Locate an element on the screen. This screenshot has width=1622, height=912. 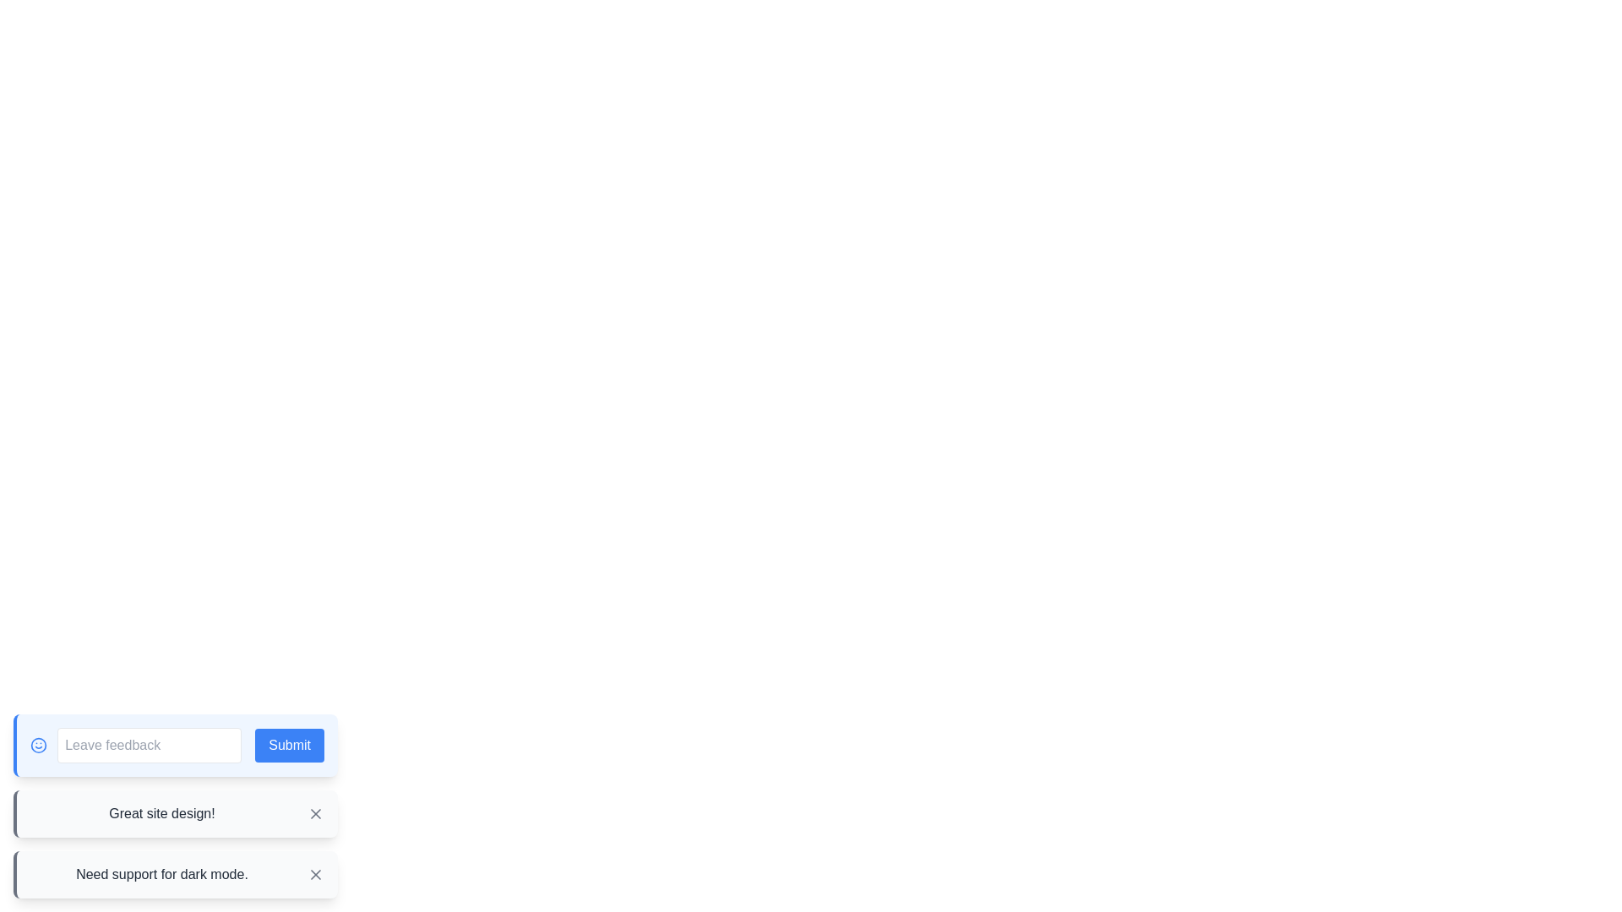
the smile icon to trigger its interaction is located at coordinates (39, 745).